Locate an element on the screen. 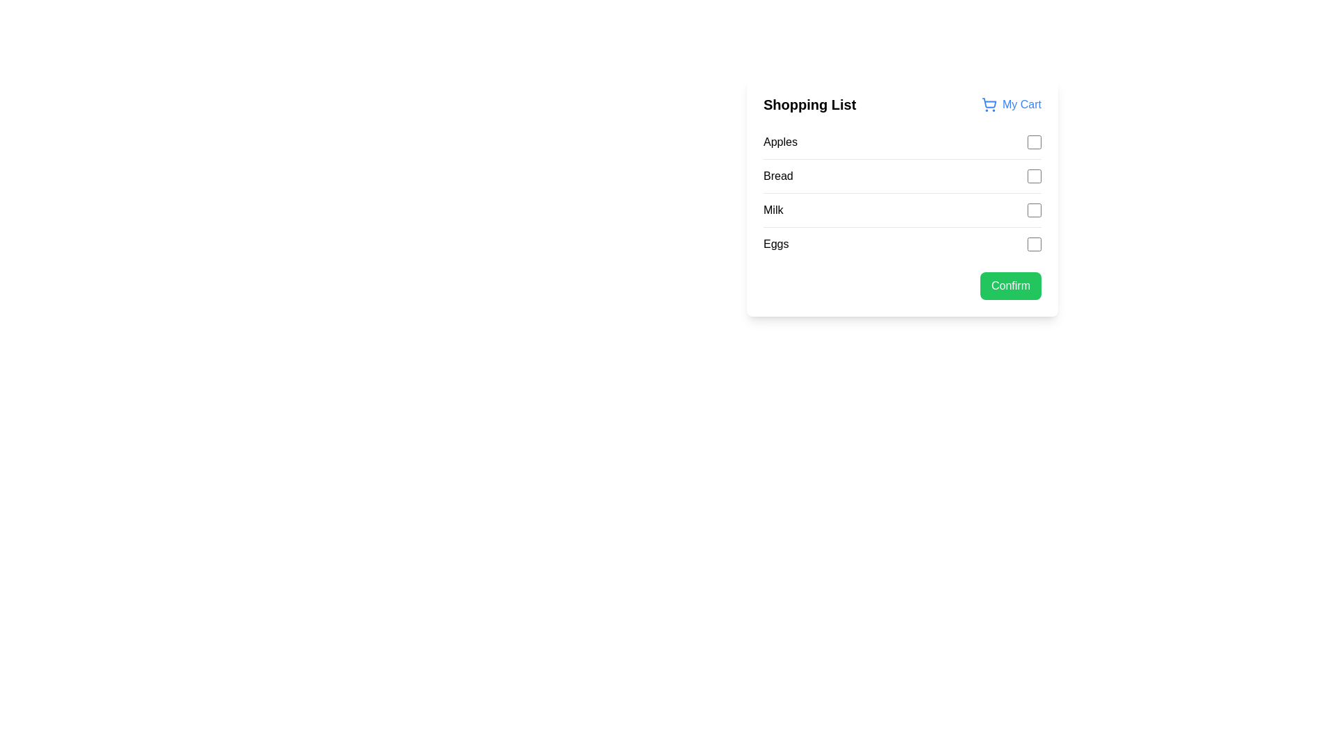 The image size is (1334, 750). the 'My Cart' text label in blue located in the top-right corner of the shopping list UI card is located at coordinates (1021, 103).